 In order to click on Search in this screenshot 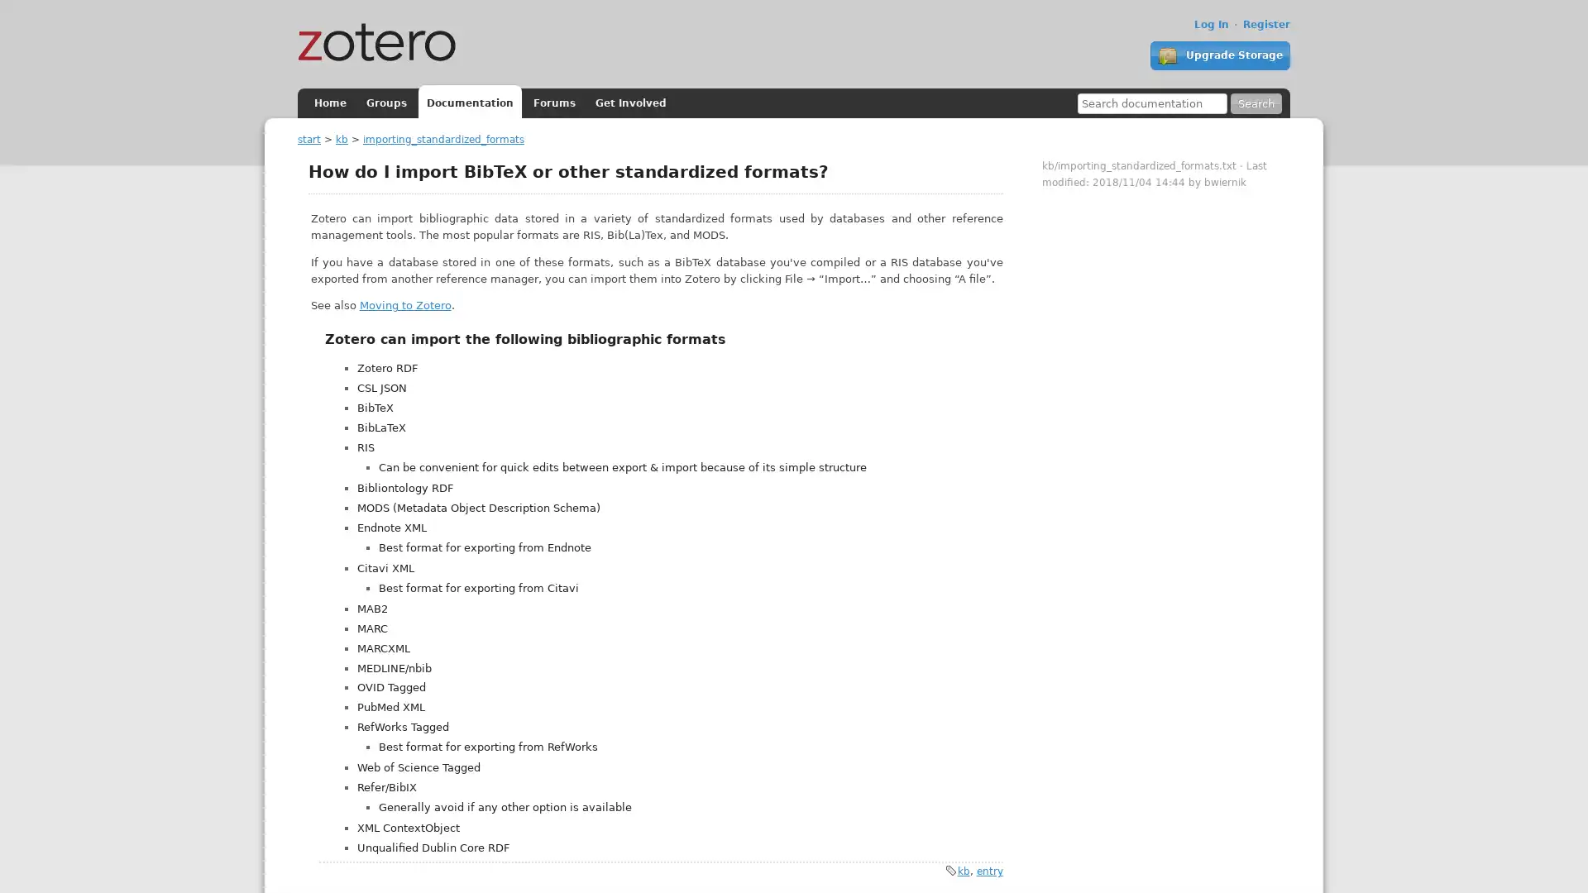, I will do `click(1256, 103)`.